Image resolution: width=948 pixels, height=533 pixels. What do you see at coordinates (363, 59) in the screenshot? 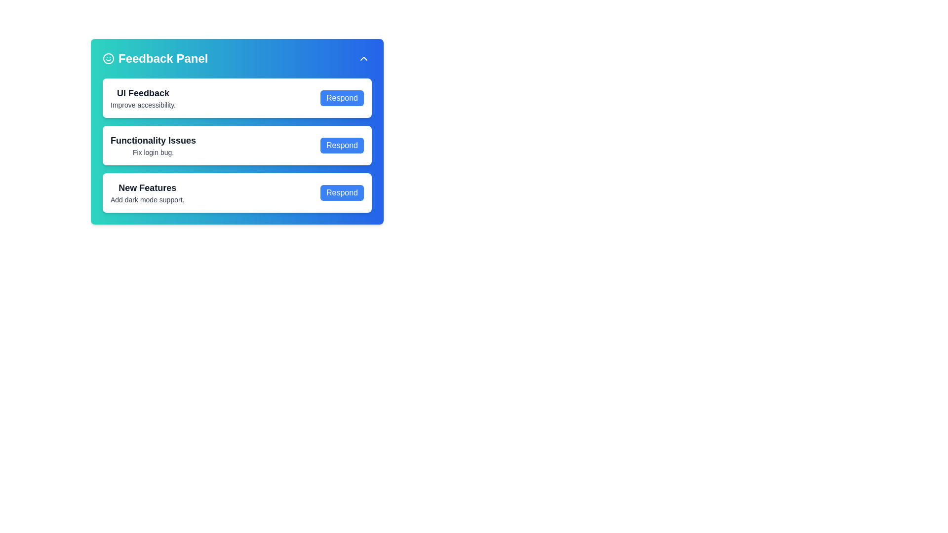
I see `the upward-pointing chevron icon within the rounded button located at the top-right corner of the 'Feedback Panel'` at bounding box center [363, 59].